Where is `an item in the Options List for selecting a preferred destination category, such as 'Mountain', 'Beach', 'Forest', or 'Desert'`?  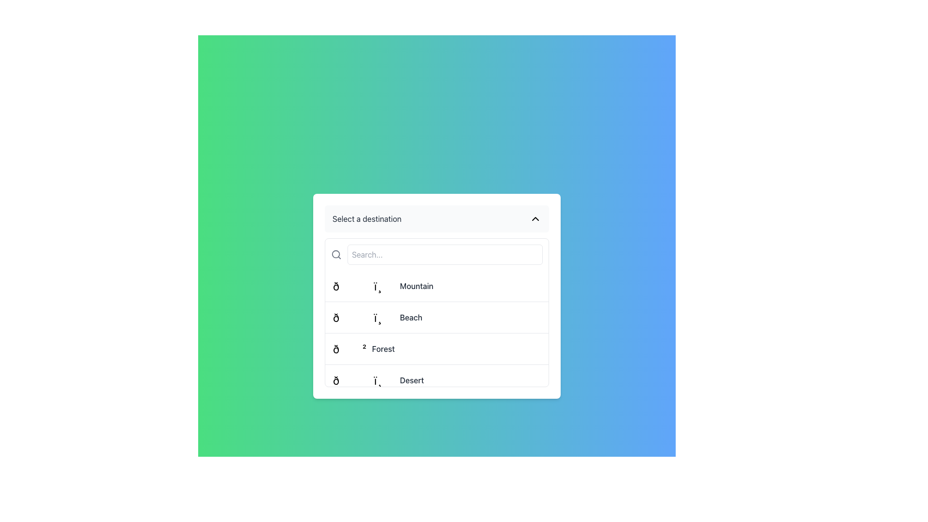
an item in the Options List for selecting a preferred destination category, such as 'Mountain', 'Beach', 'Forest', or 'Desert' is located at coordinates (436, 313).